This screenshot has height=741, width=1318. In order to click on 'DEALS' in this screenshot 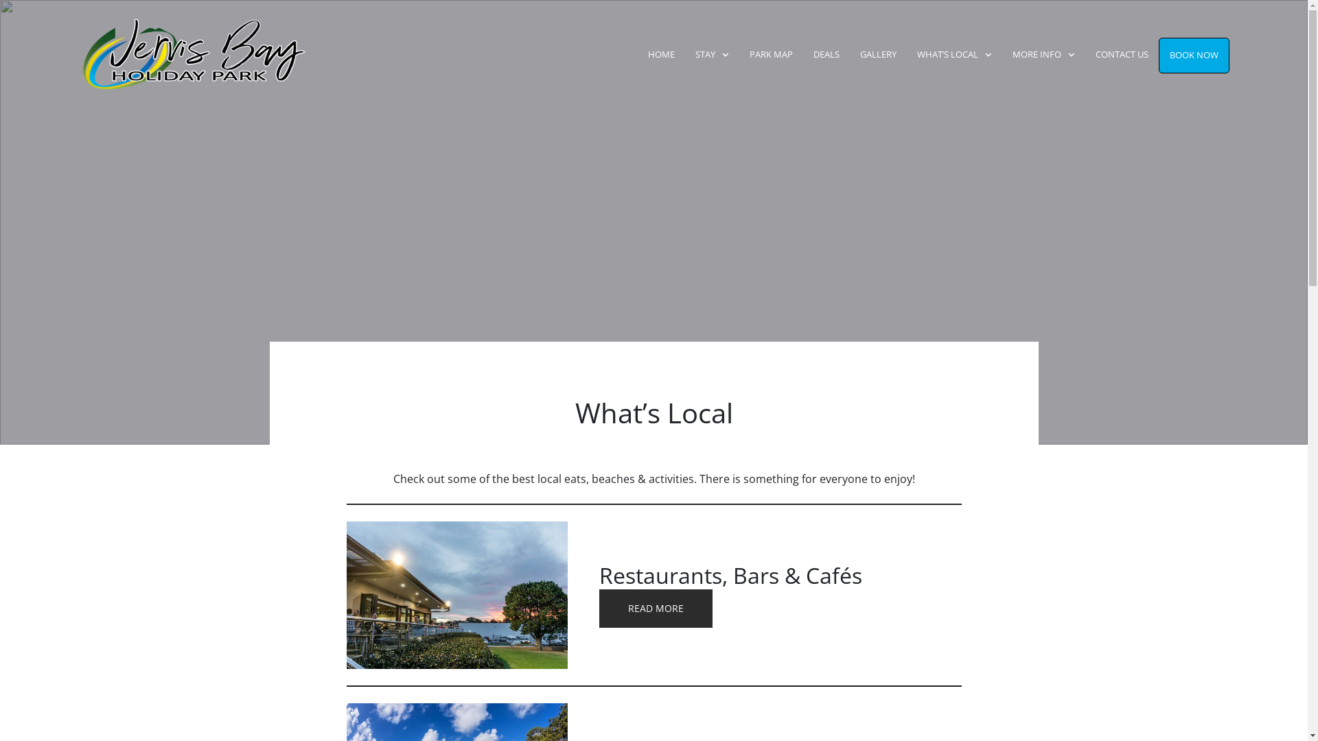, I will do `click(826, 54)`.